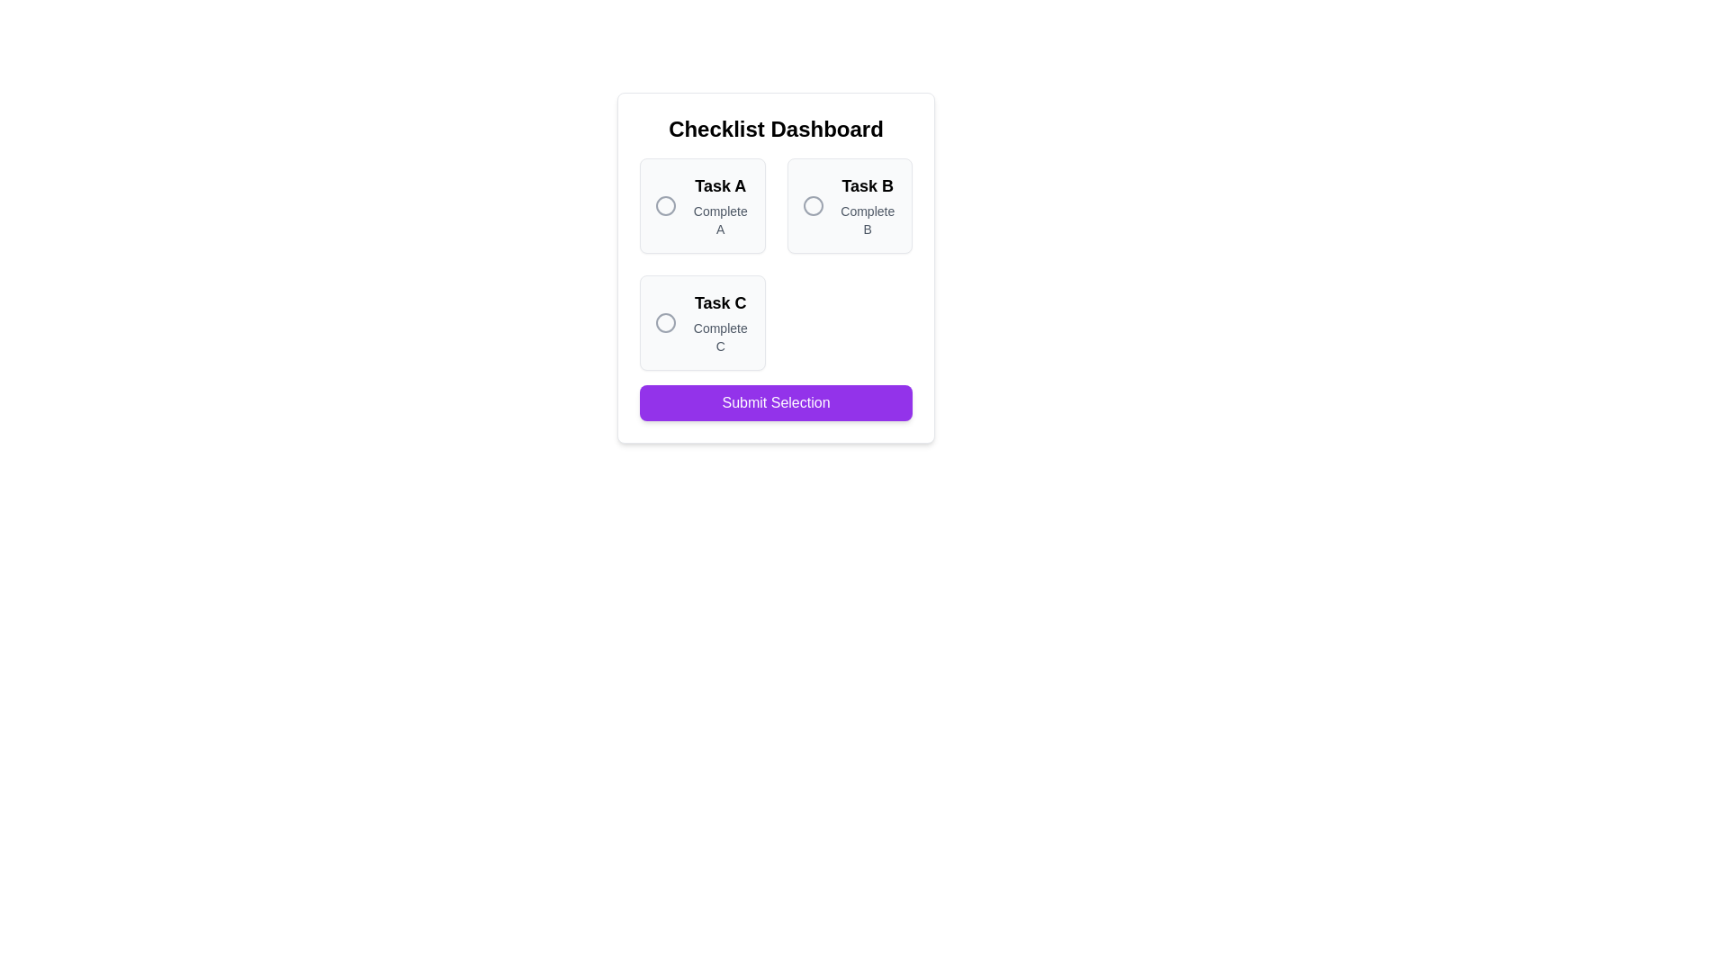 The height and width of the screenshot is (972, 1728). What do you see at coordinates (720, 337) in the screenshot?
I see `the text label that provides context for 'Task C', located in the bottom-left quadrant of the checklist dashboard interface` at bounding box center [720, 337].